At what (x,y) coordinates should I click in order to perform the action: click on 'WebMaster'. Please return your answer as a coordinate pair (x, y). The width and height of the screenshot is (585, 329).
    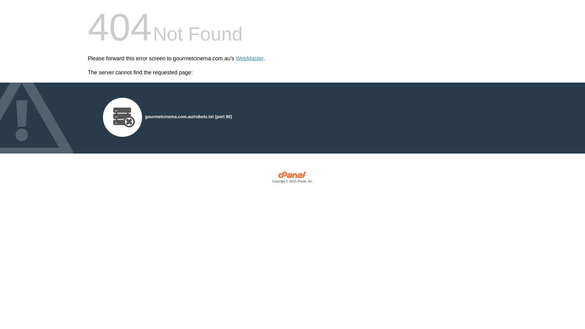
    Looking at the image, I should click on (250, 58).